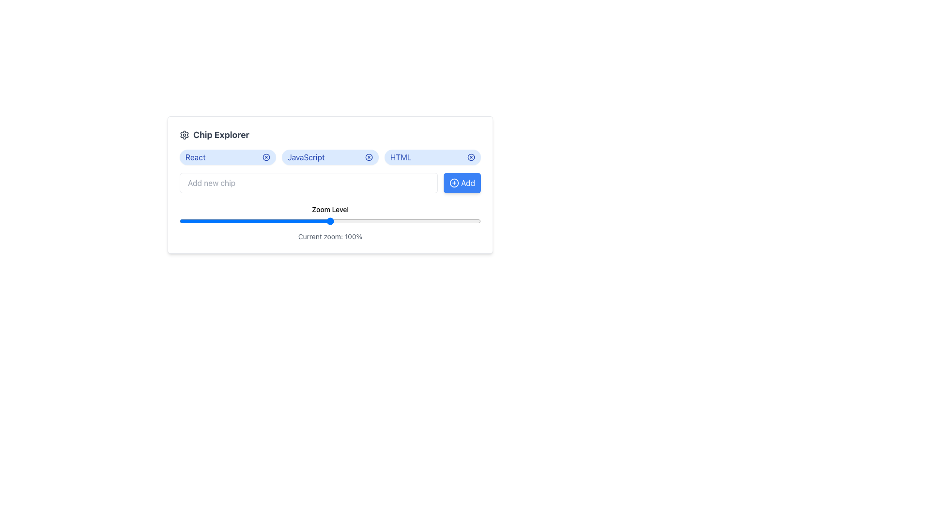  What do you see at coordinates (462, 183) in the screenshot?
I see `the button located towards the right end of the interface` at bounding box center [462, 183].